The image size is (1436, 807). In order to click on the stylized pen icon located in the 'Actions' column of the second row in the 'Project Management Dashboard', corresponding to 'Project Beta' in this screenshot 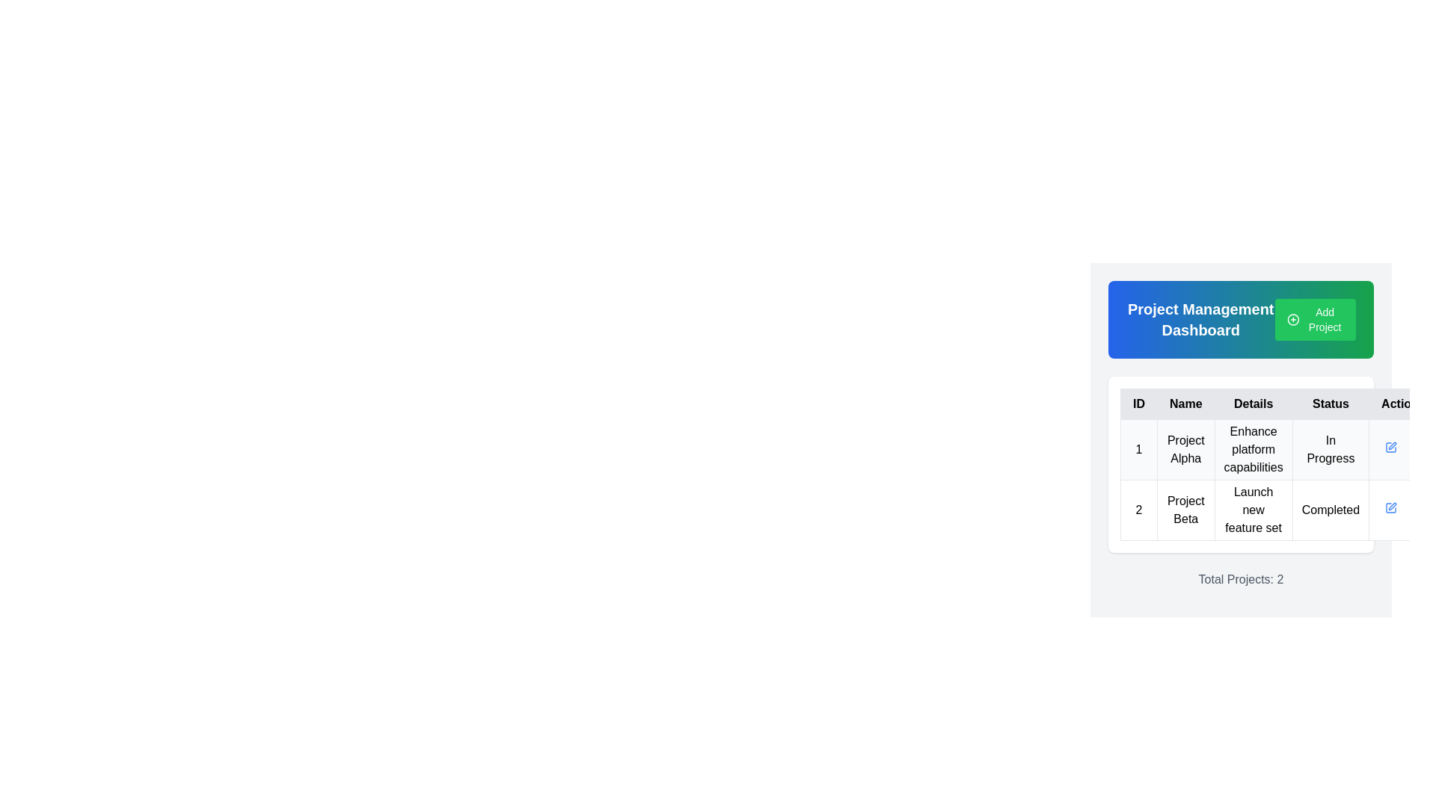, I will do `click(1392, 506)`.